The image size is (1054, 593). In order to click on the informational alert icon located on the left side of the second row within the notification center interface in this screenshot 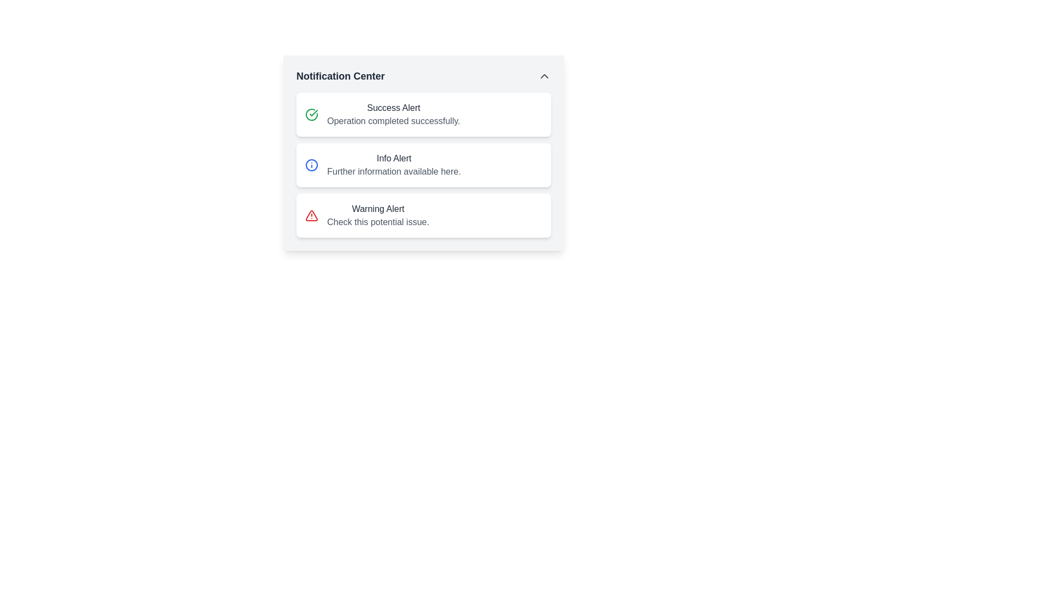, I will do `click(311, 165)`.